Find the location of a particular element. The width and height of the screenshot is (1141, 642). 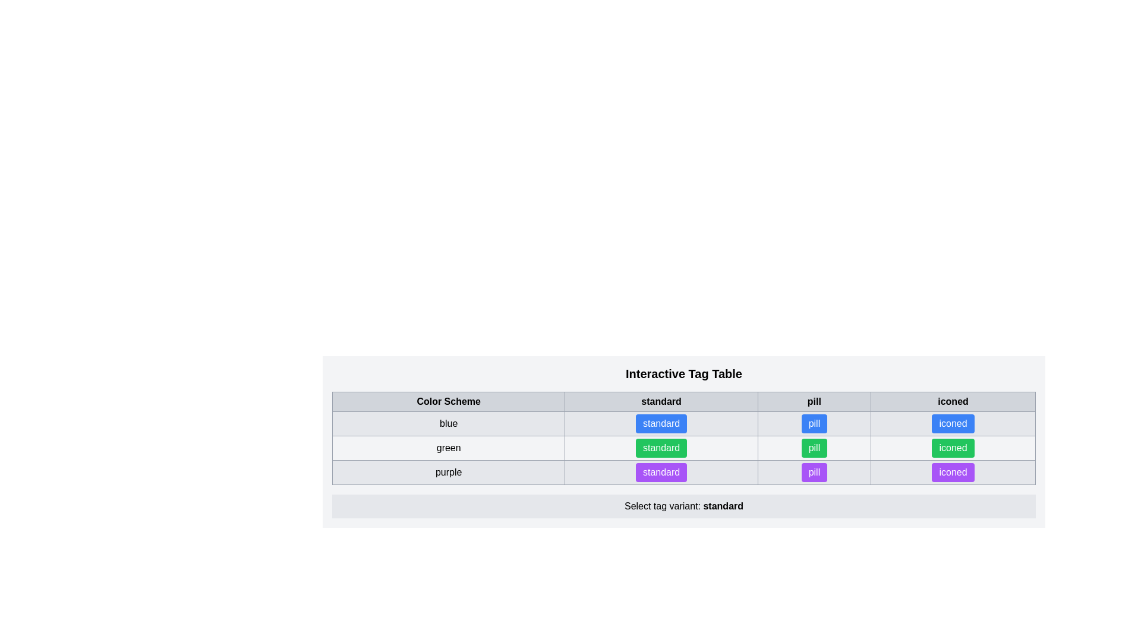

the rounded rectangular blue button labeled 'standard' is located at coordinates (661, 423).